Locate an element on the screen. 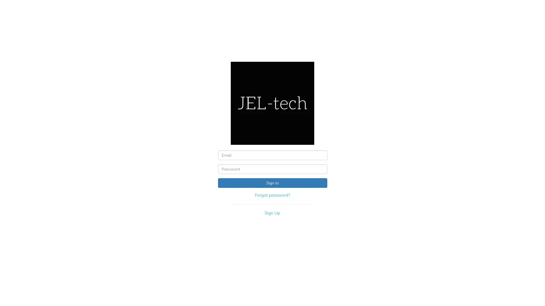  Sign Up is located at coordinates (272, 212).